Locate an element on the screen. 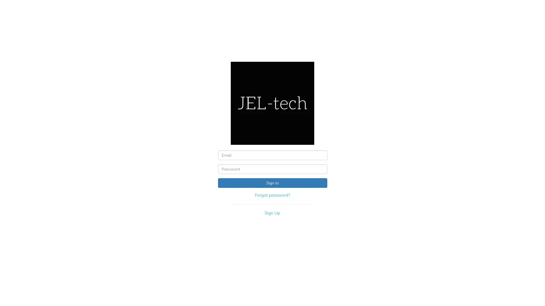  Sign Up is located at coordinates (272, 212).